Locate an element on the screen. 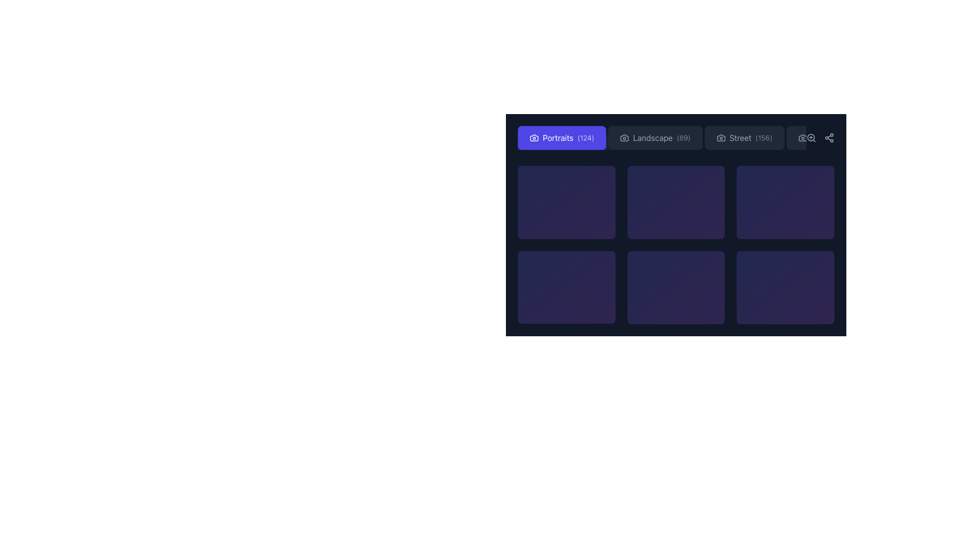  the 'Street' category label located in the top-right section of the UI, which guides users to select or view items related to streets is located at coordinates (740, 138).